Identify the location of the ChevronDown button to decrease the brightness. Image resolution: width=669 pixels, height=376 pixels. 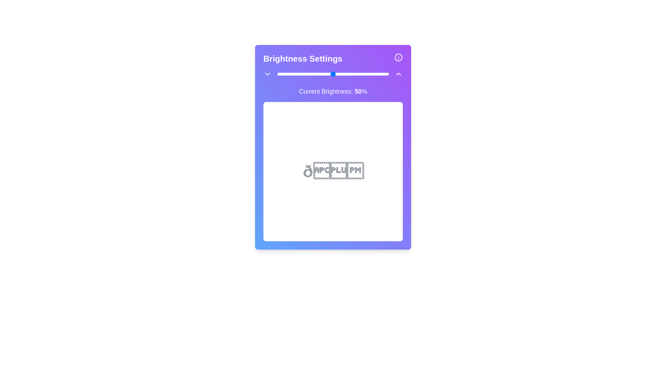
(267, 74).